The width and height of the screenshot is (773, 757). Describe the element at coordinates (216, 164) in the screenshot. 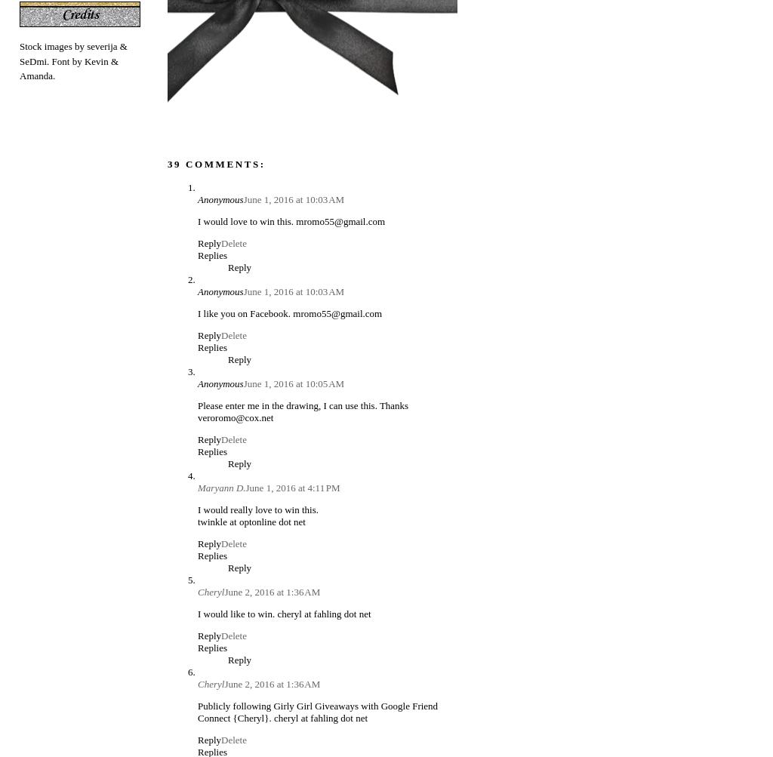

I see `'39 comments:'` at that location.